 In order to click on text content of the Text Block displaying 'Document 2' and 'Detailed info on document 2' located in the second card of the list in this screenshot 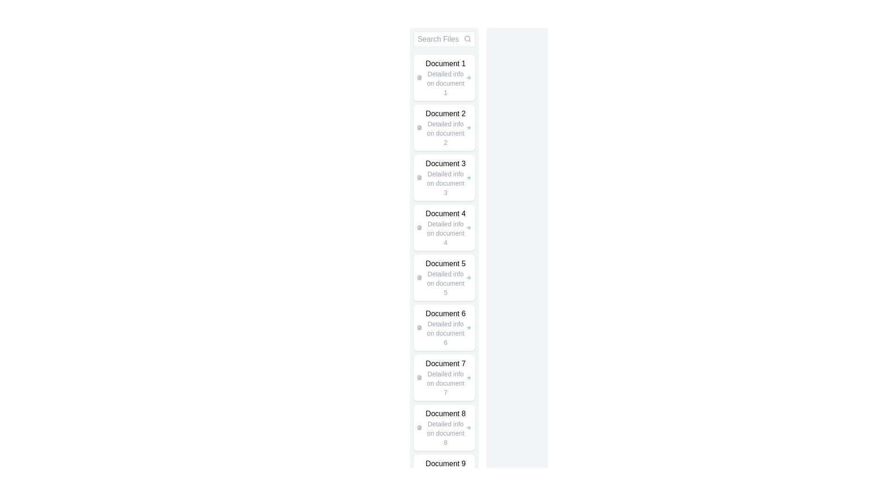, I will do `click(445, 128)`.